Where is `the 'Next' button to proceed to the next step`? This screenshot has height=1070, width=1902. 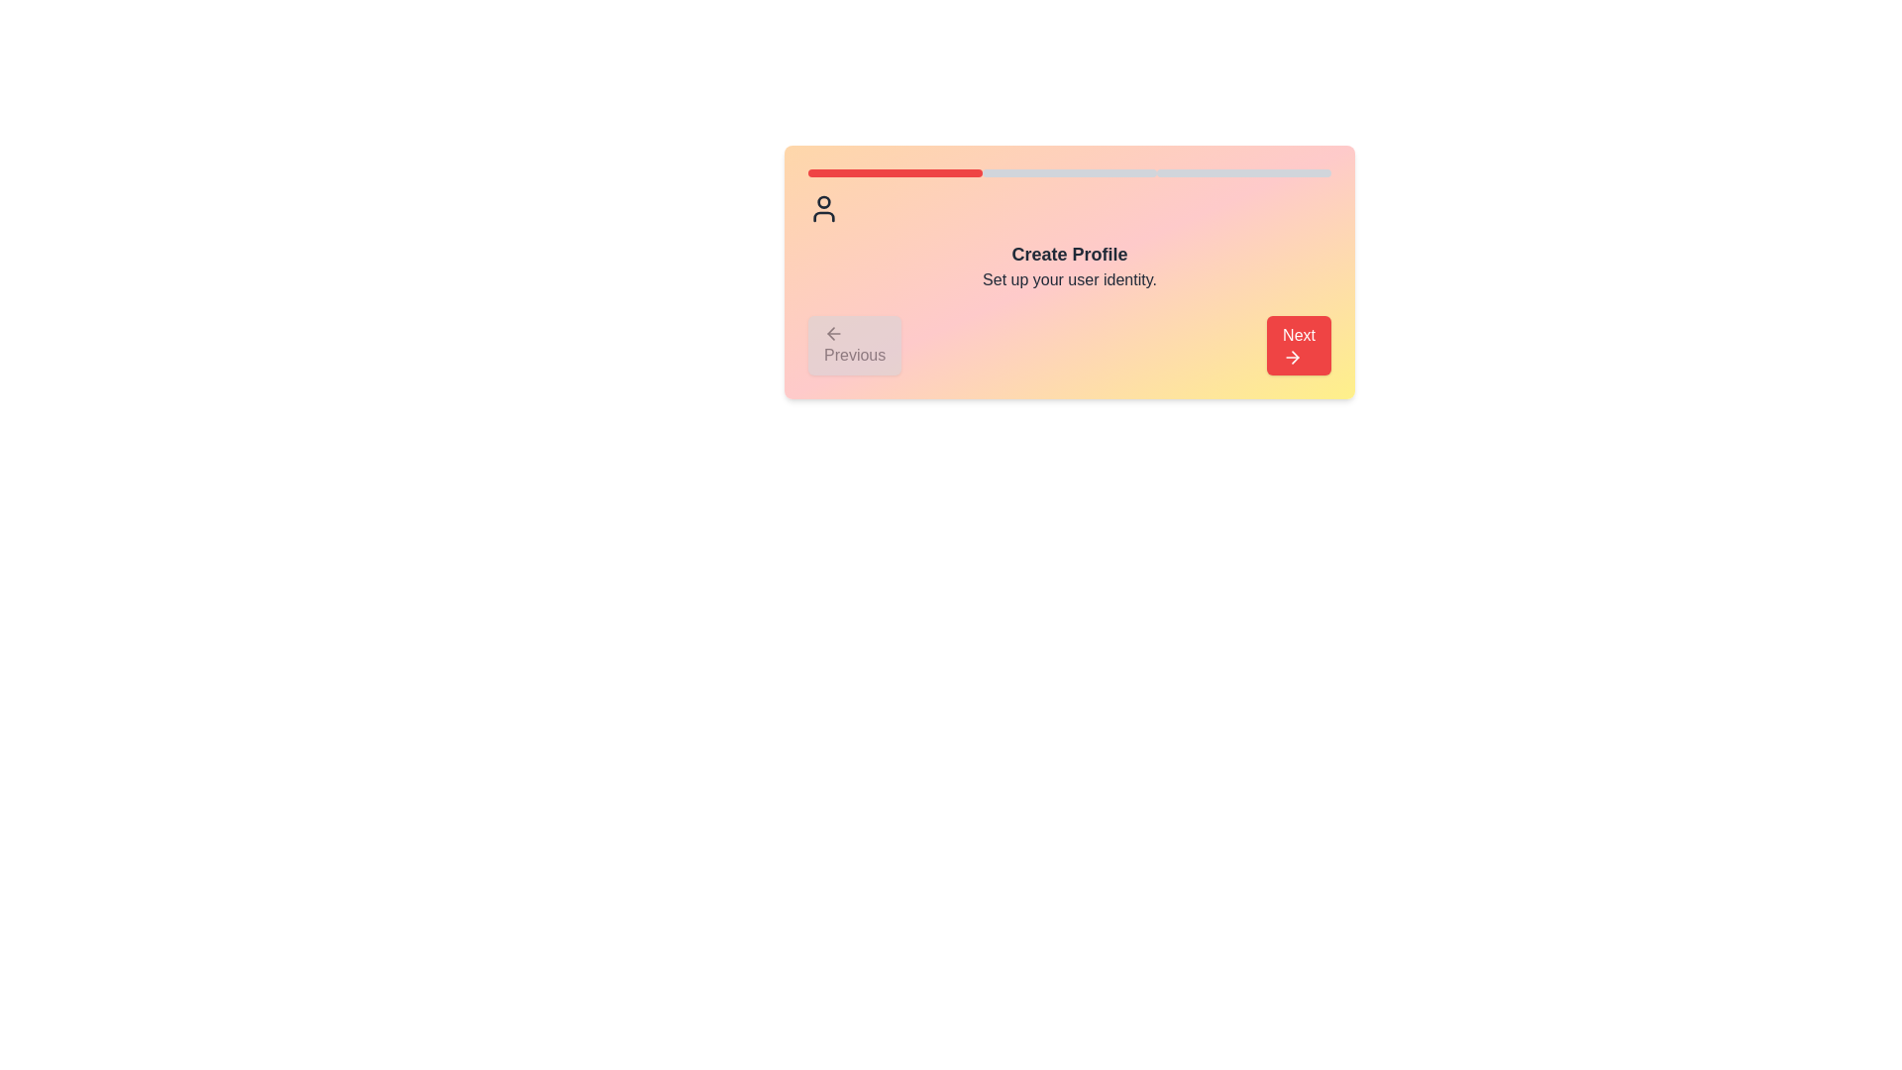 the 'Next' button to proceed to the next step is located at coordinates (1298, 344).